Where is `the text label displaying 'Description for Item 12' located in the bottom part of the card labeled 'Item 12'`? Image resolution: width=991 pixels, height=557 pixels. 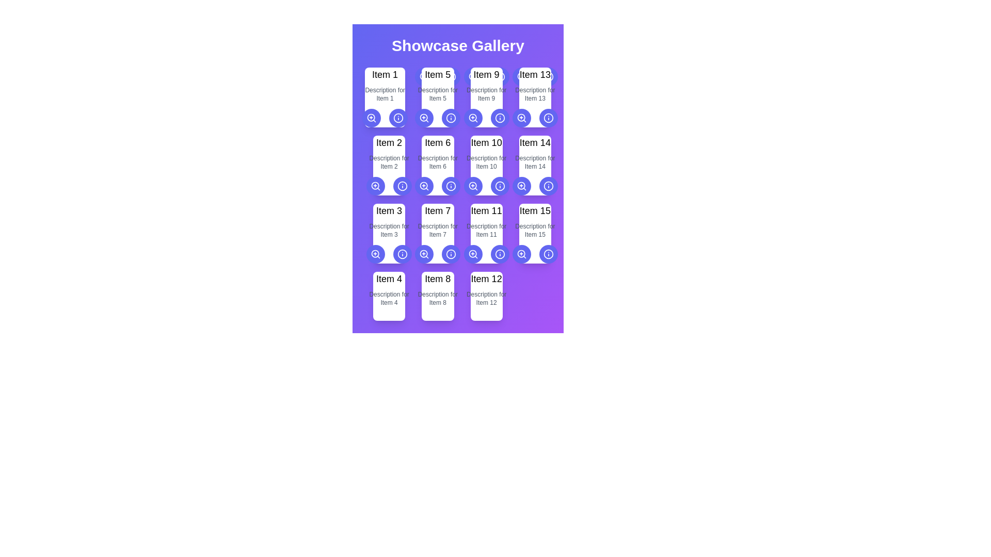 the text label displaying 'Description for Item 12' located in the bottom part of the card labeled 'Item 12' is located at coordinates (486, 298).